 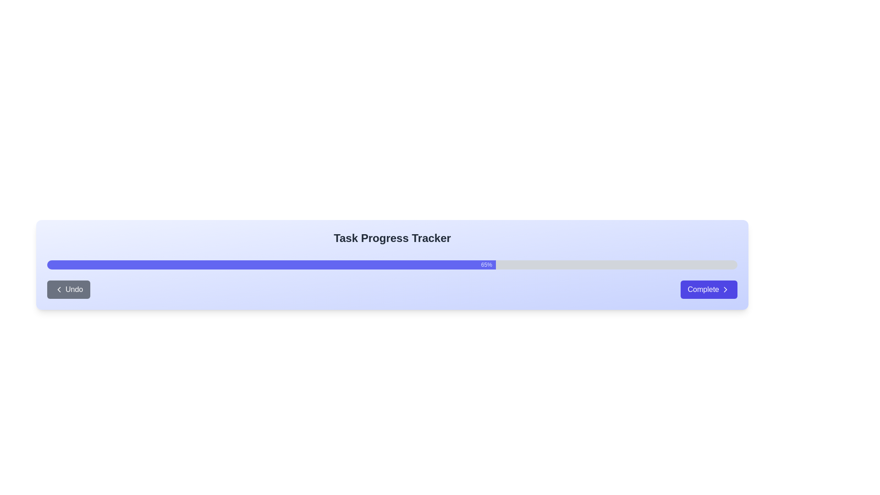 I want to click on the 'Undo' and 'Complete' buttons in the composite control element located in the 'Task Progress Tracker' card, so click(x=392, y=290).